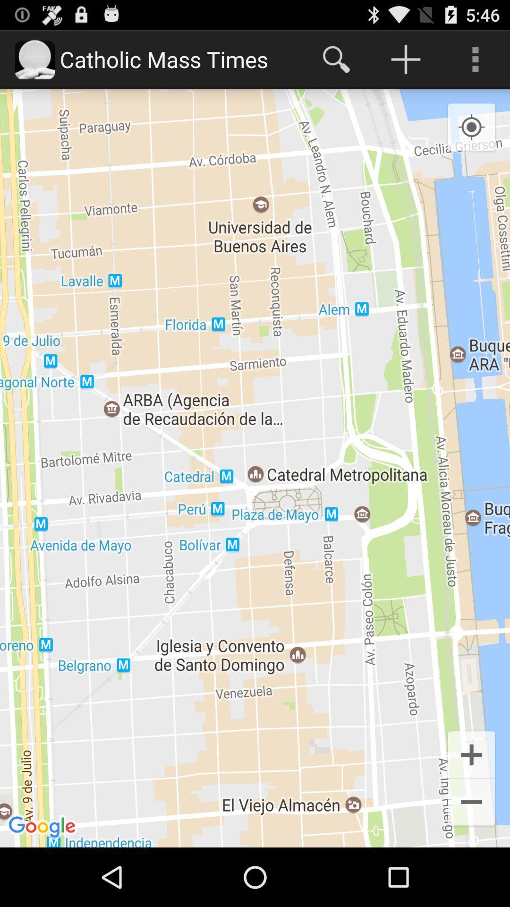 The image size is (510, 907). What do you see at coordinates (255, 468) in the screenshot?
I see `the icon at the center` at bounding box center [255, 468].